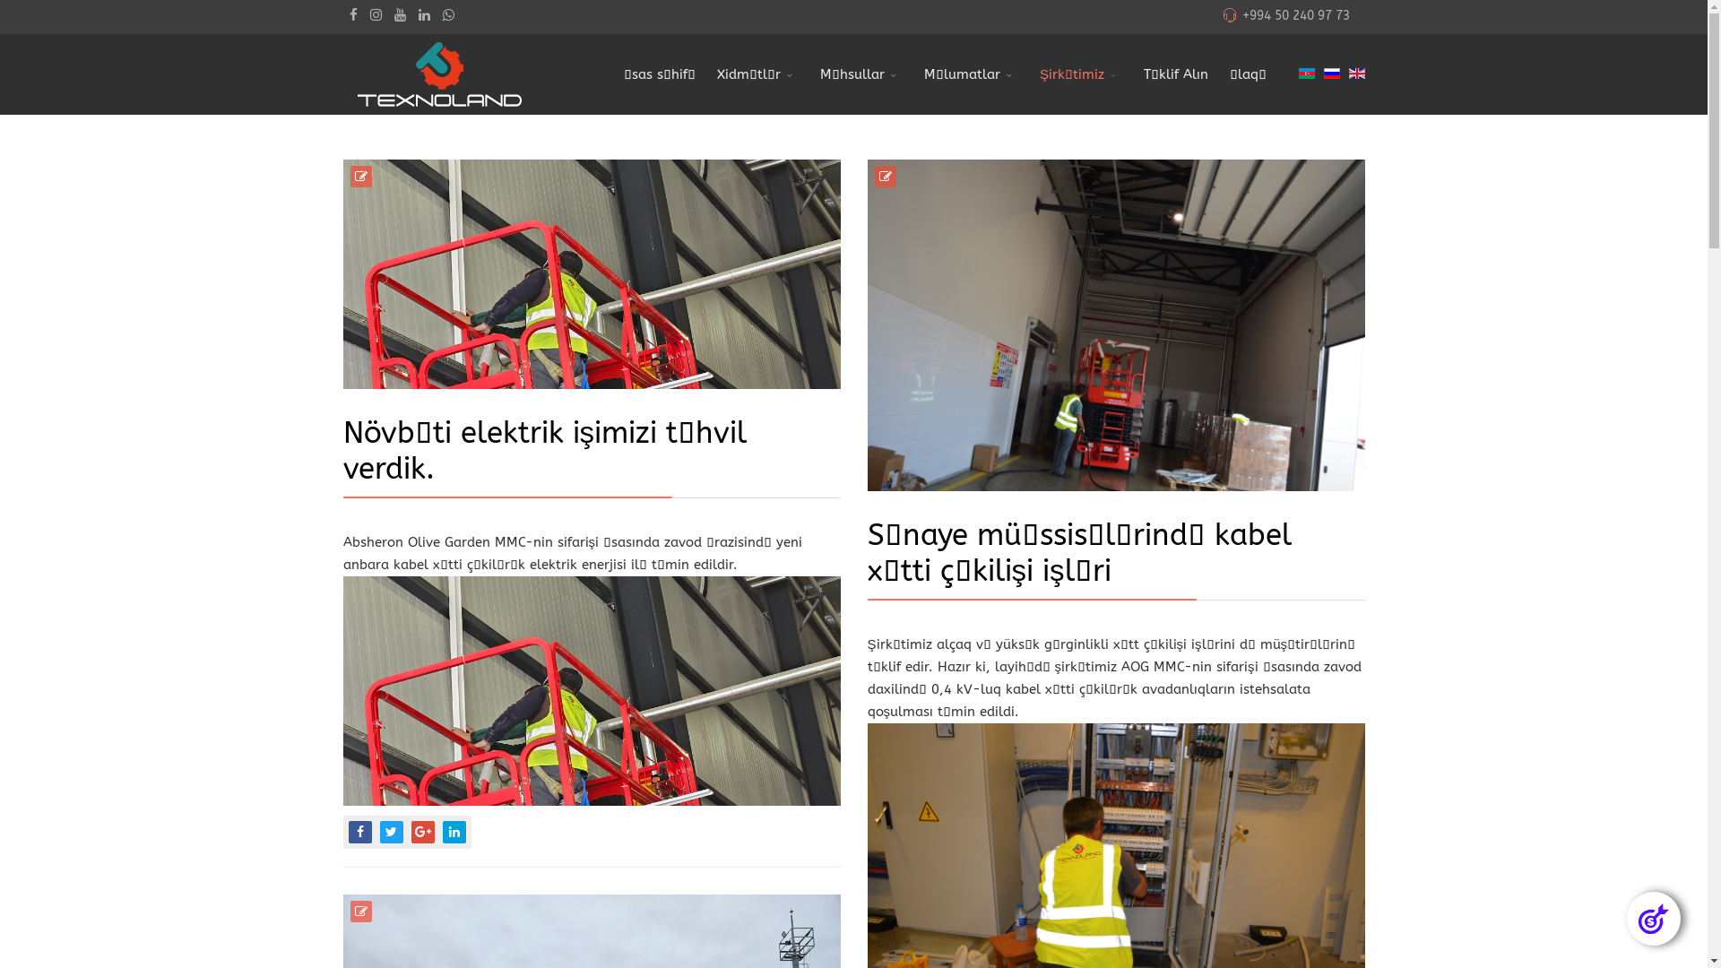 The width and height of the screenshot is (1721, 968). I want to click on 'Azerbaijan (az-AZ)', so click(1306, 72).